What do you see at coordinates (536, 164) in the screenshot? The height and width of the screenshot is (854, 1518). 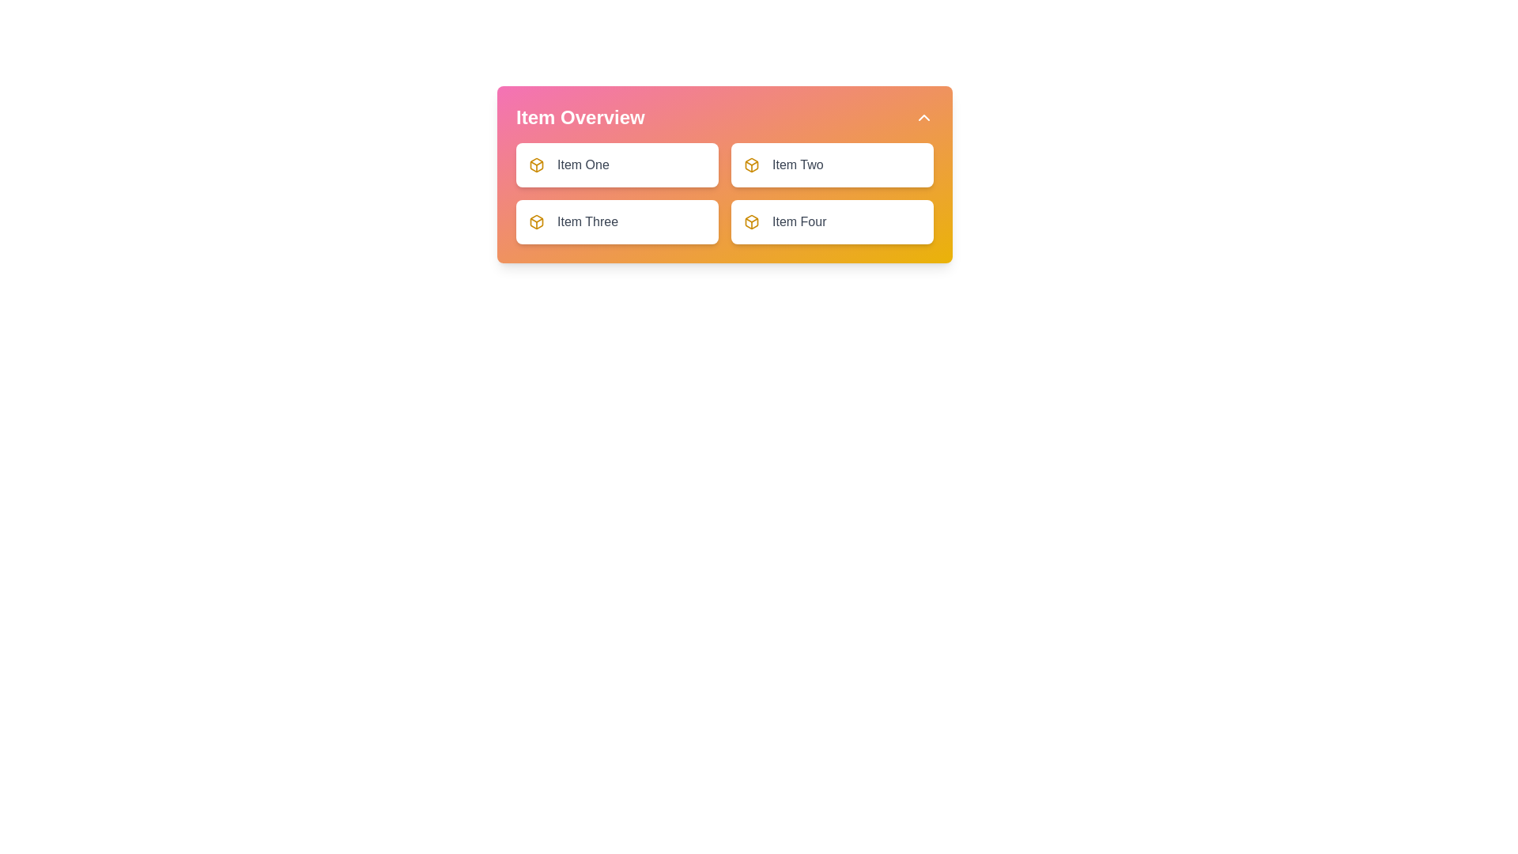 I see `the small cube icon with a yellow outline and gradients, which is the first icon inside the white rounded rectangle labeled Item One` at bounding box center [536, 164].